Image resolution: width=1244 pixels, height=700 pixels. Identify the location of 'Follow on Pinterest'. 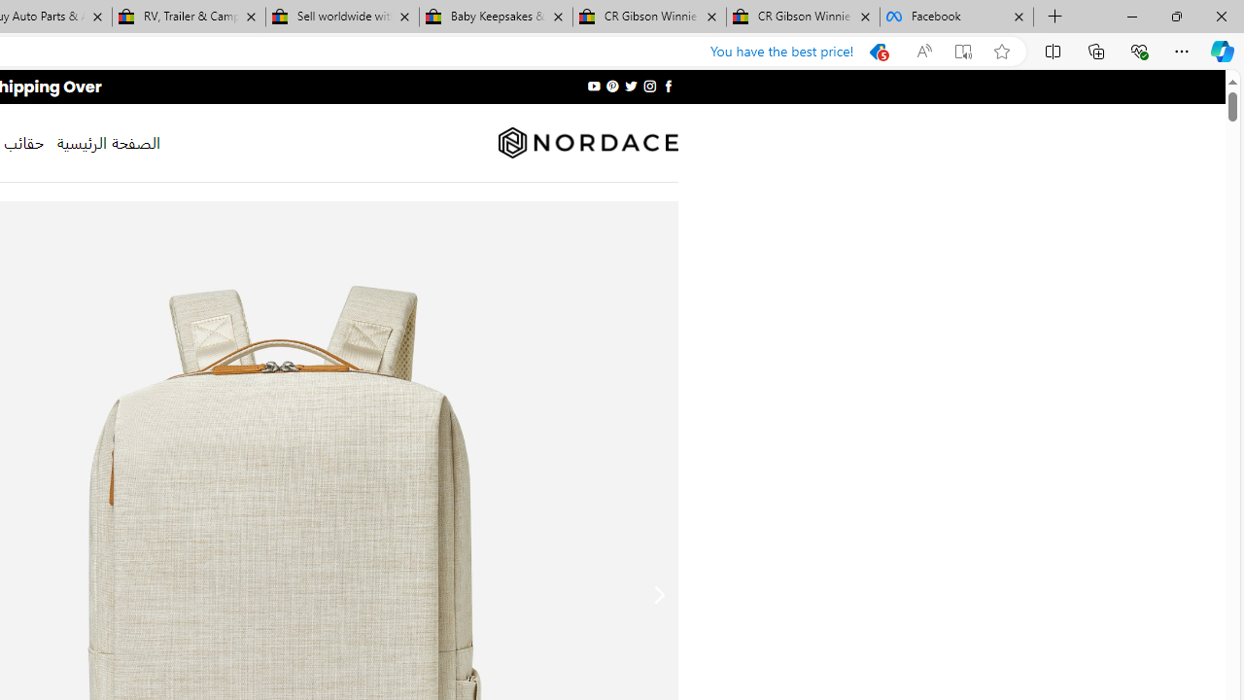
(612, 86).